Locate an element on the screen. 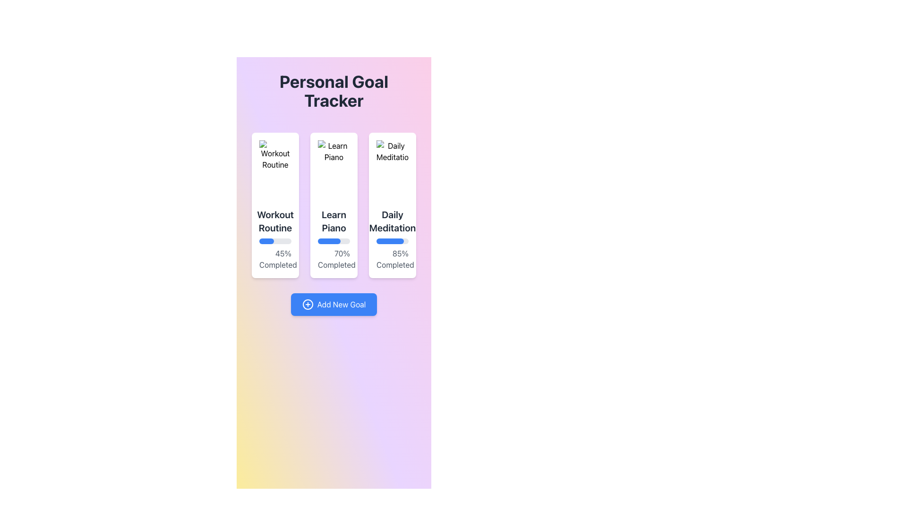 Image resolution: width=907 pixels, height=510 pixels. the filled portion of the progress bar segment is located at coordinates (390, 240).